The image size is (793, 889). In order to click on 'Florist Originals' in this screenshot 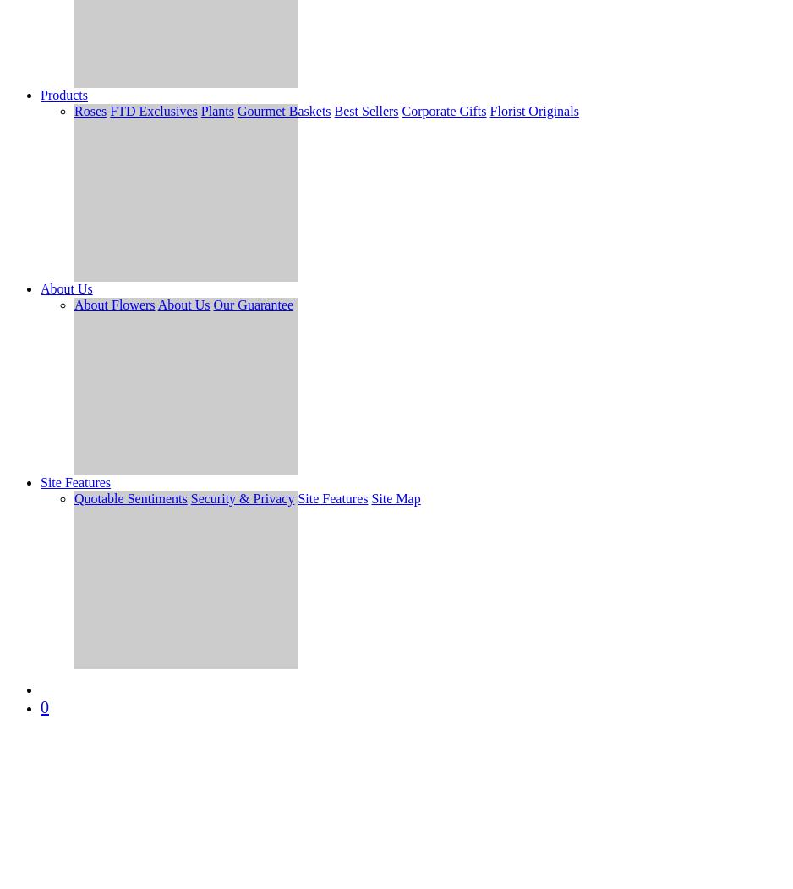, I will do `click(489, 110)`.